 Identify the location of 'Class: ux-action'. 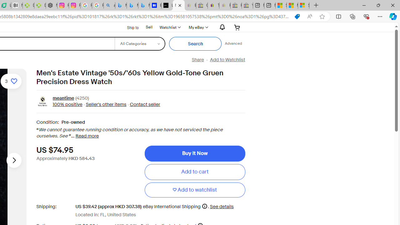
(42, 101).